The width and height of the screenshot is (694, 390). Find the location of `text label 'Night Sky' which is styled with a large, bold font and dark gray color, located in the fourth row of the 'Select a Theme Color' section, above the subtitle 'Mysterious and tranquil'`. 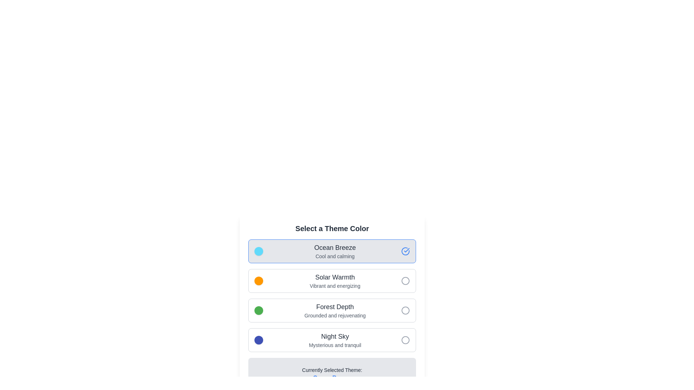

text label 'Night Sky' which is styled with a large, bold font and dark gray color, located in the fourth row of the 'Select a Theme Color' section, above the subtitle 'Mysterious and tranquil' is located at coordinates (334, 337).